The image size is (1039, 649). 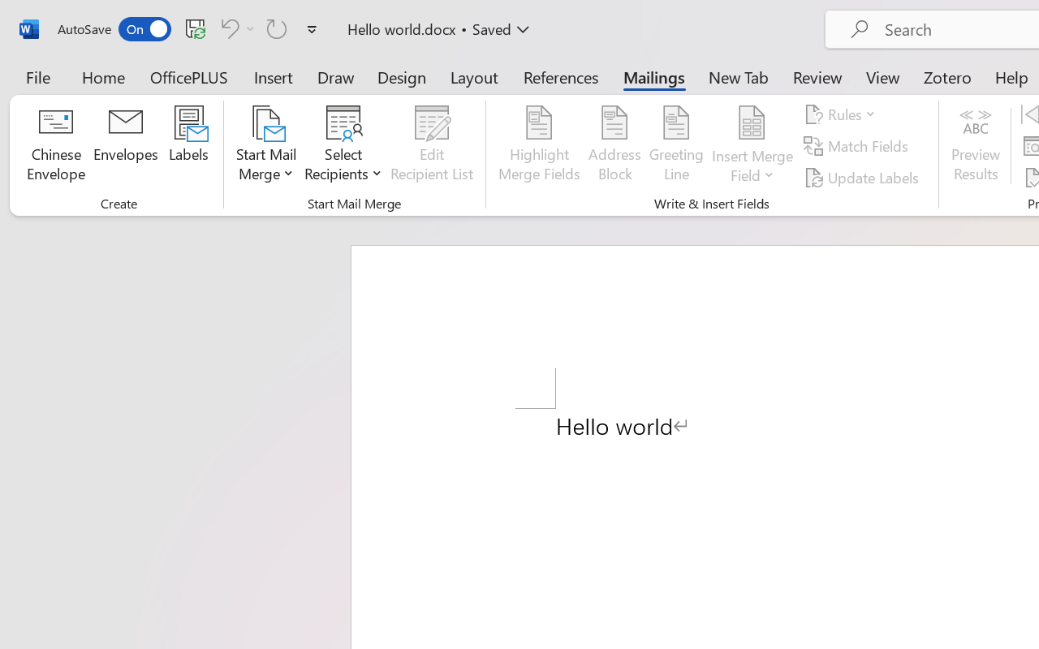 What do you see at coordinates (817, 76) in the screenshot?
I see `'Review'` at bounding box center [817, 76].